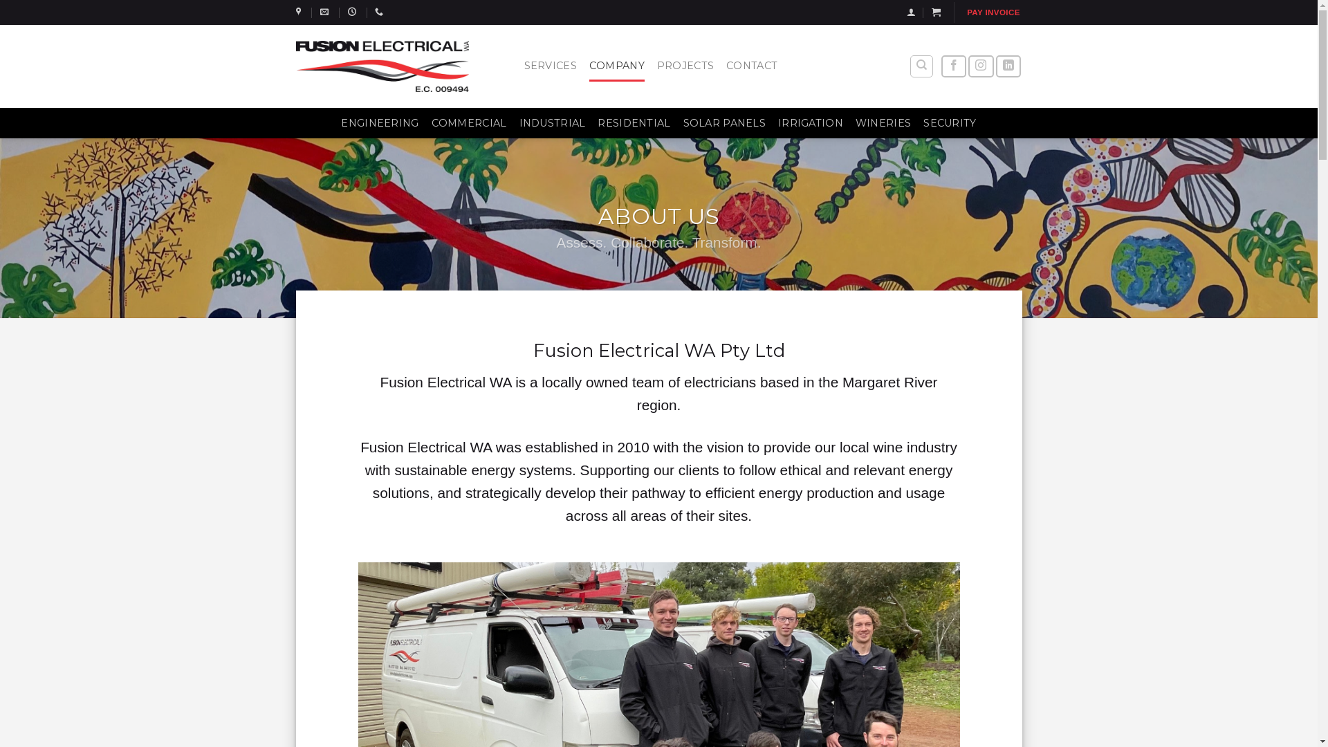 The height and width of the screenshot is (747, 1328). What do you see at coordinates (992, 12) in the screenshot?
I see `'PAY INVOICE'` at bounding box center [992, 12].